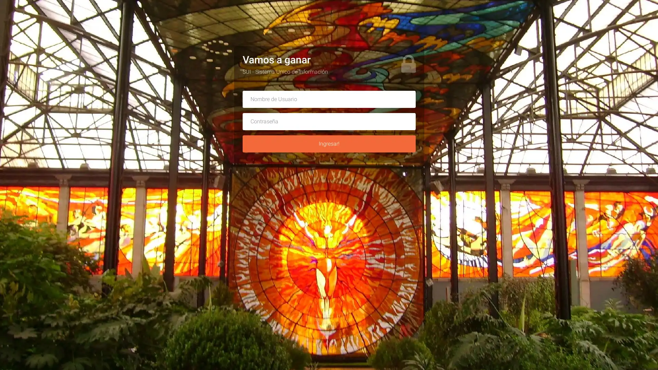 The height and width of the screenshot is (370, 658). Describe the element at coordinates (328, 144) in the screenshot. I see `Ingresar!` at that location.